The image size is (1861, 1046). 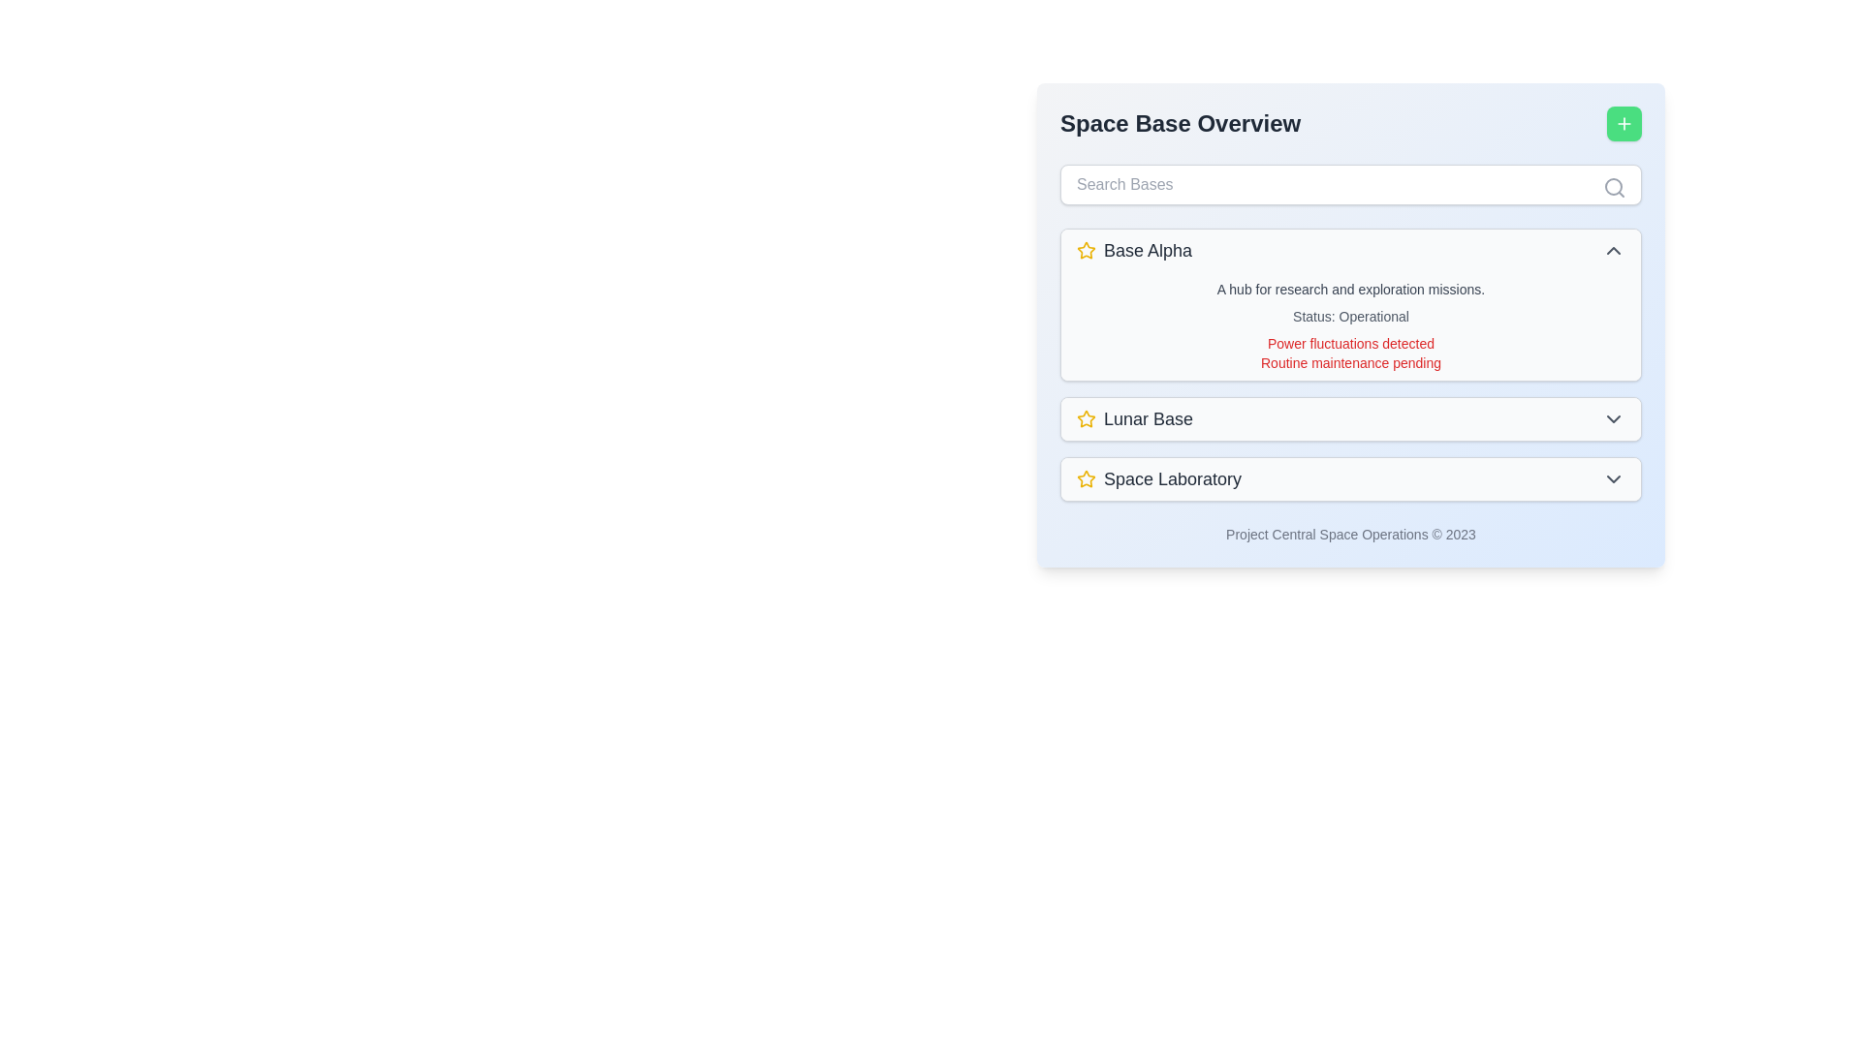 What do you see at coordinates (1134, 249) in the screenshot?
I see `the 'Base Alpha' text label with the yellow star icon` at bounding box center [1134, 249].